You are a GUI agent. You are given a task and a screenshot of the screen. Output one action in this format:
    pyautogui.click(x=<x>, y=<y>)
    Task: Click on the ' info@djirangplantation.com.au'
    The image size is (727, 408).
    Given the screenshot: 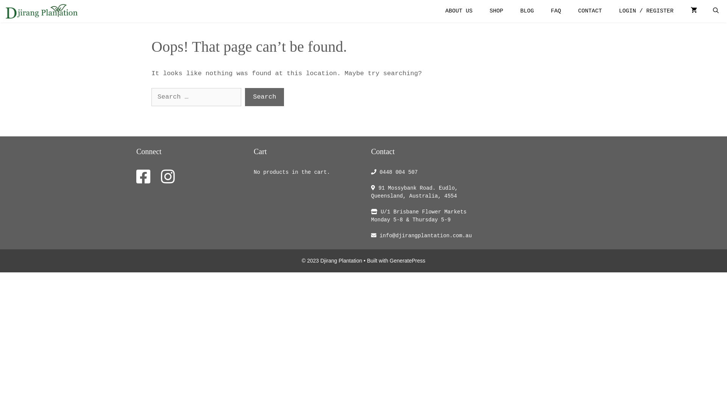 What is the action you would take?
    pyautogui.click(x=423, y=235)
    